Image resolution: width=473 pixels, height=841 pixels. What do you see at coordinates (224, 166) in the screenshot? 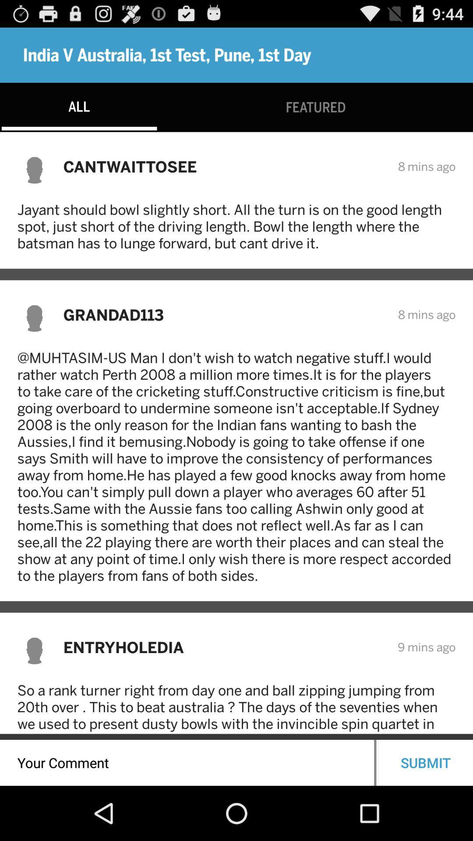
I see `the cantwaittosee` at bounding box center [224, 166].